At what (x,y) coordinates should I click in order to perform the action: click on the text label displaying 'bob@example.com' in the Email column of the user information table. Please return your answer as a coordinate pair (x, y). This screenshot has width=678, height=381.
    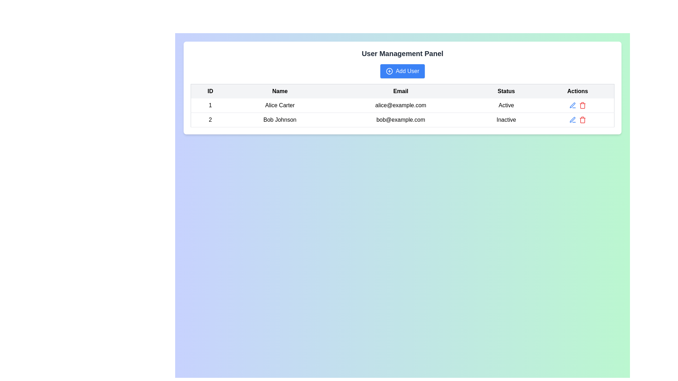
    Looking at the image, I should click on (400, 119).